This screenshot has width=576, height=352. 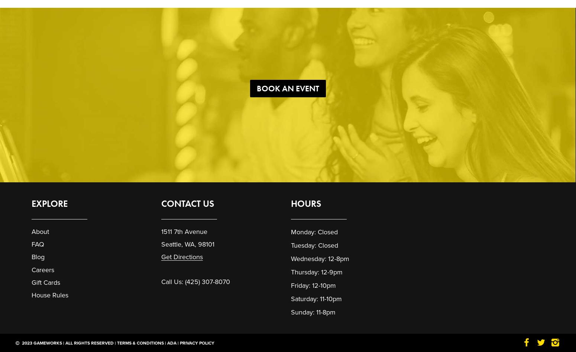 What do you see at coordinates (184, 231) in the screenshot?
I see `'1511 7th Avenue'` at bounding box center [184, 231].